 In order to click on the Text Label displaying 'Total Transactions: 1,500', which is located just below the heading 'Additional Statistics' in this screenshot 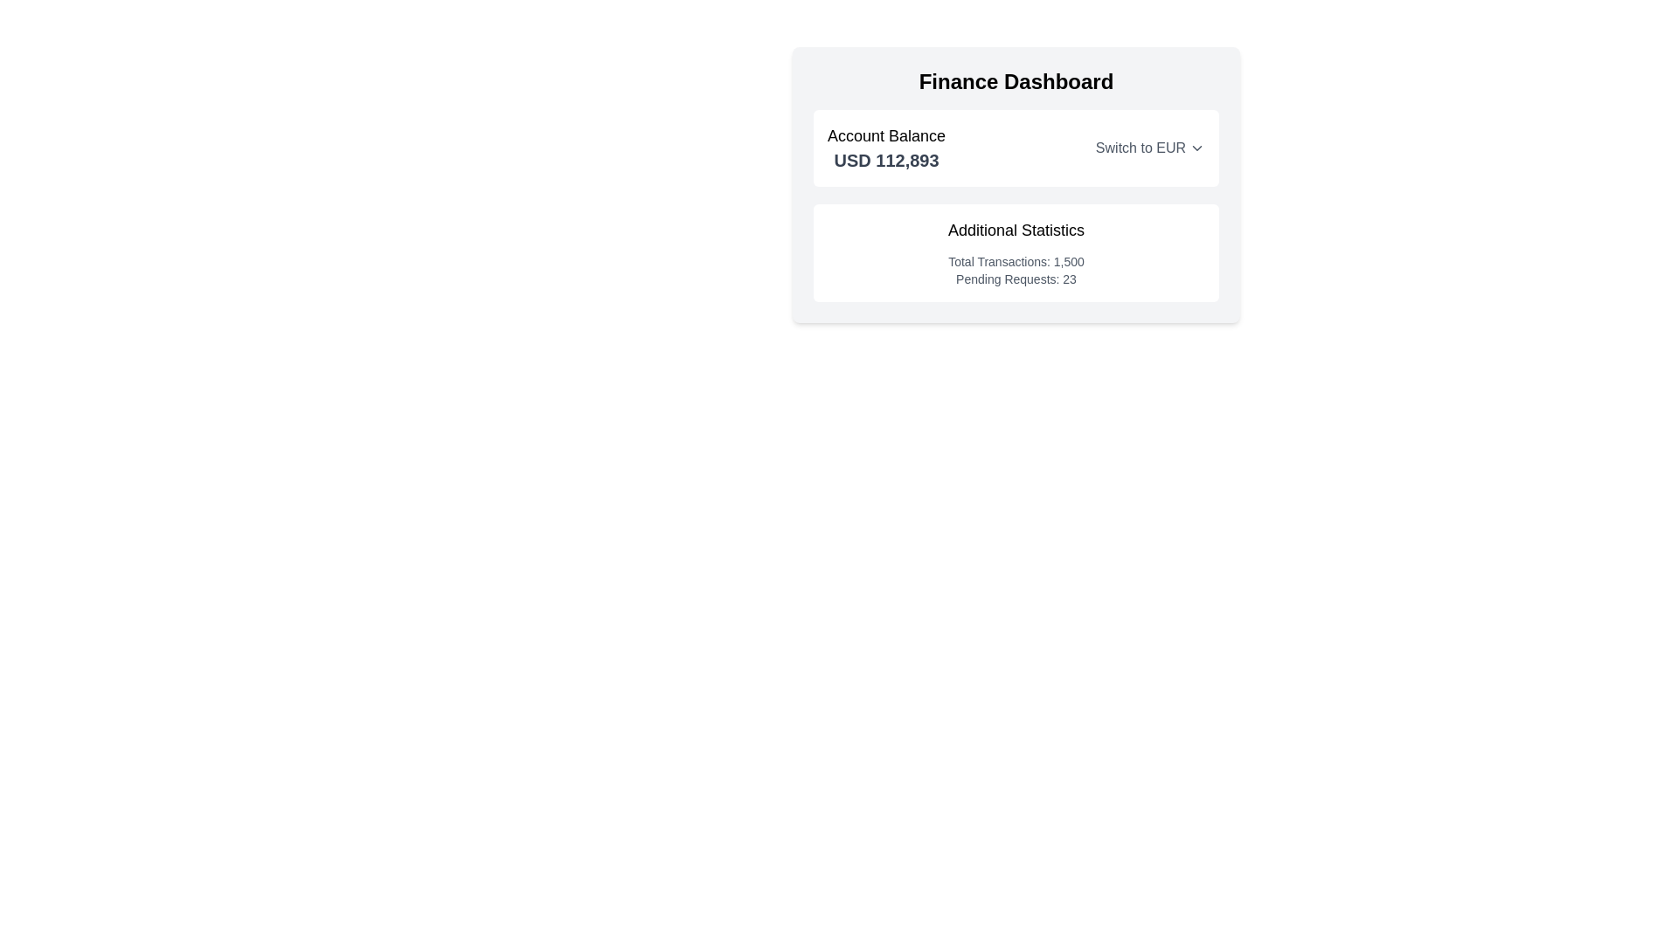, I will do `click(1016, 262)`.